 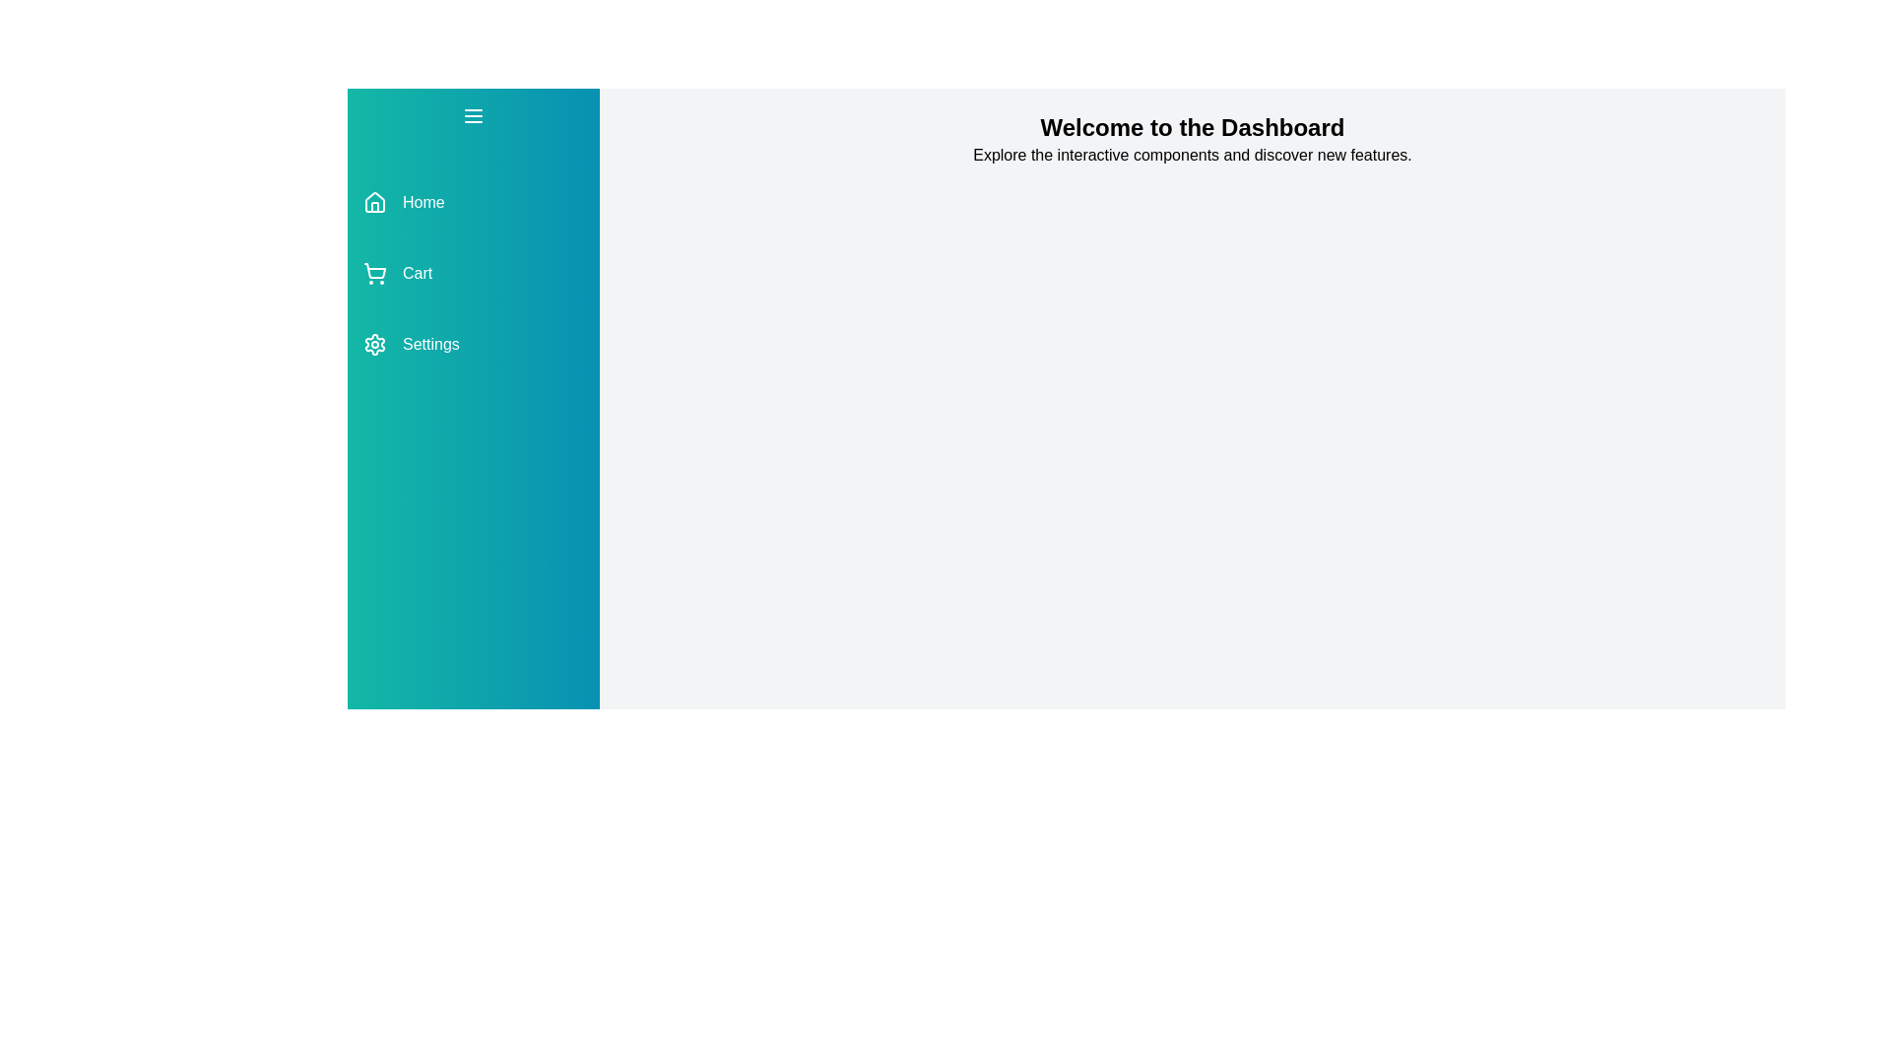 I want to click on the menu item labeled Cart, so click(x=473, y=273).